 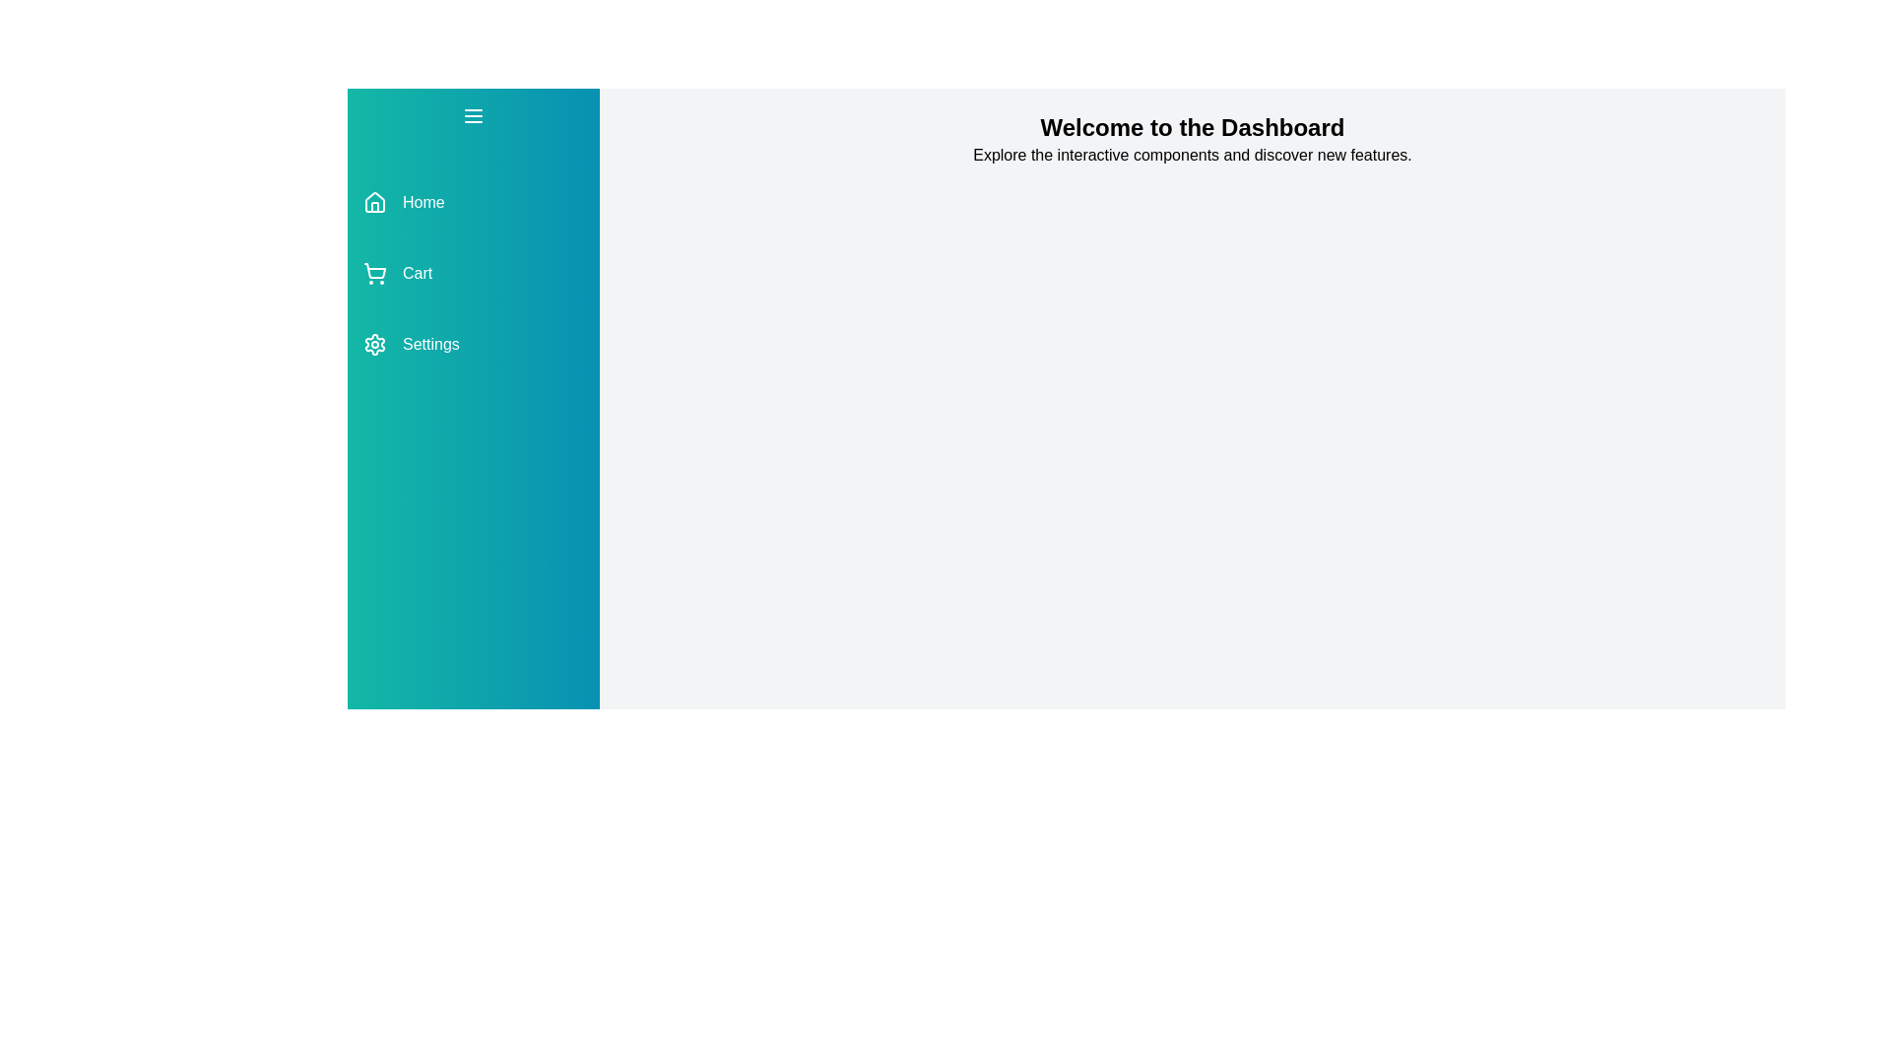 I want to click on the menu item labeled Cart, so click(x=473, y=273).